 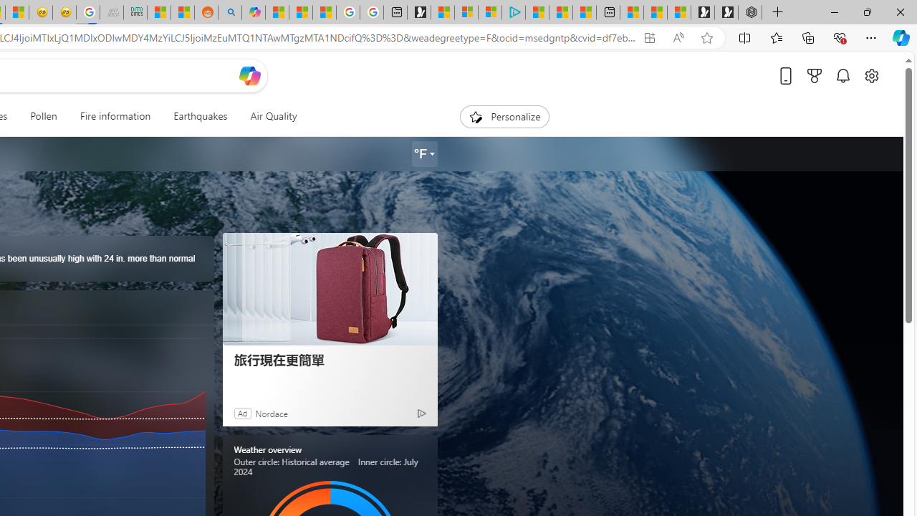 I want to click on 'Pollen', so click(x=43, y=116).